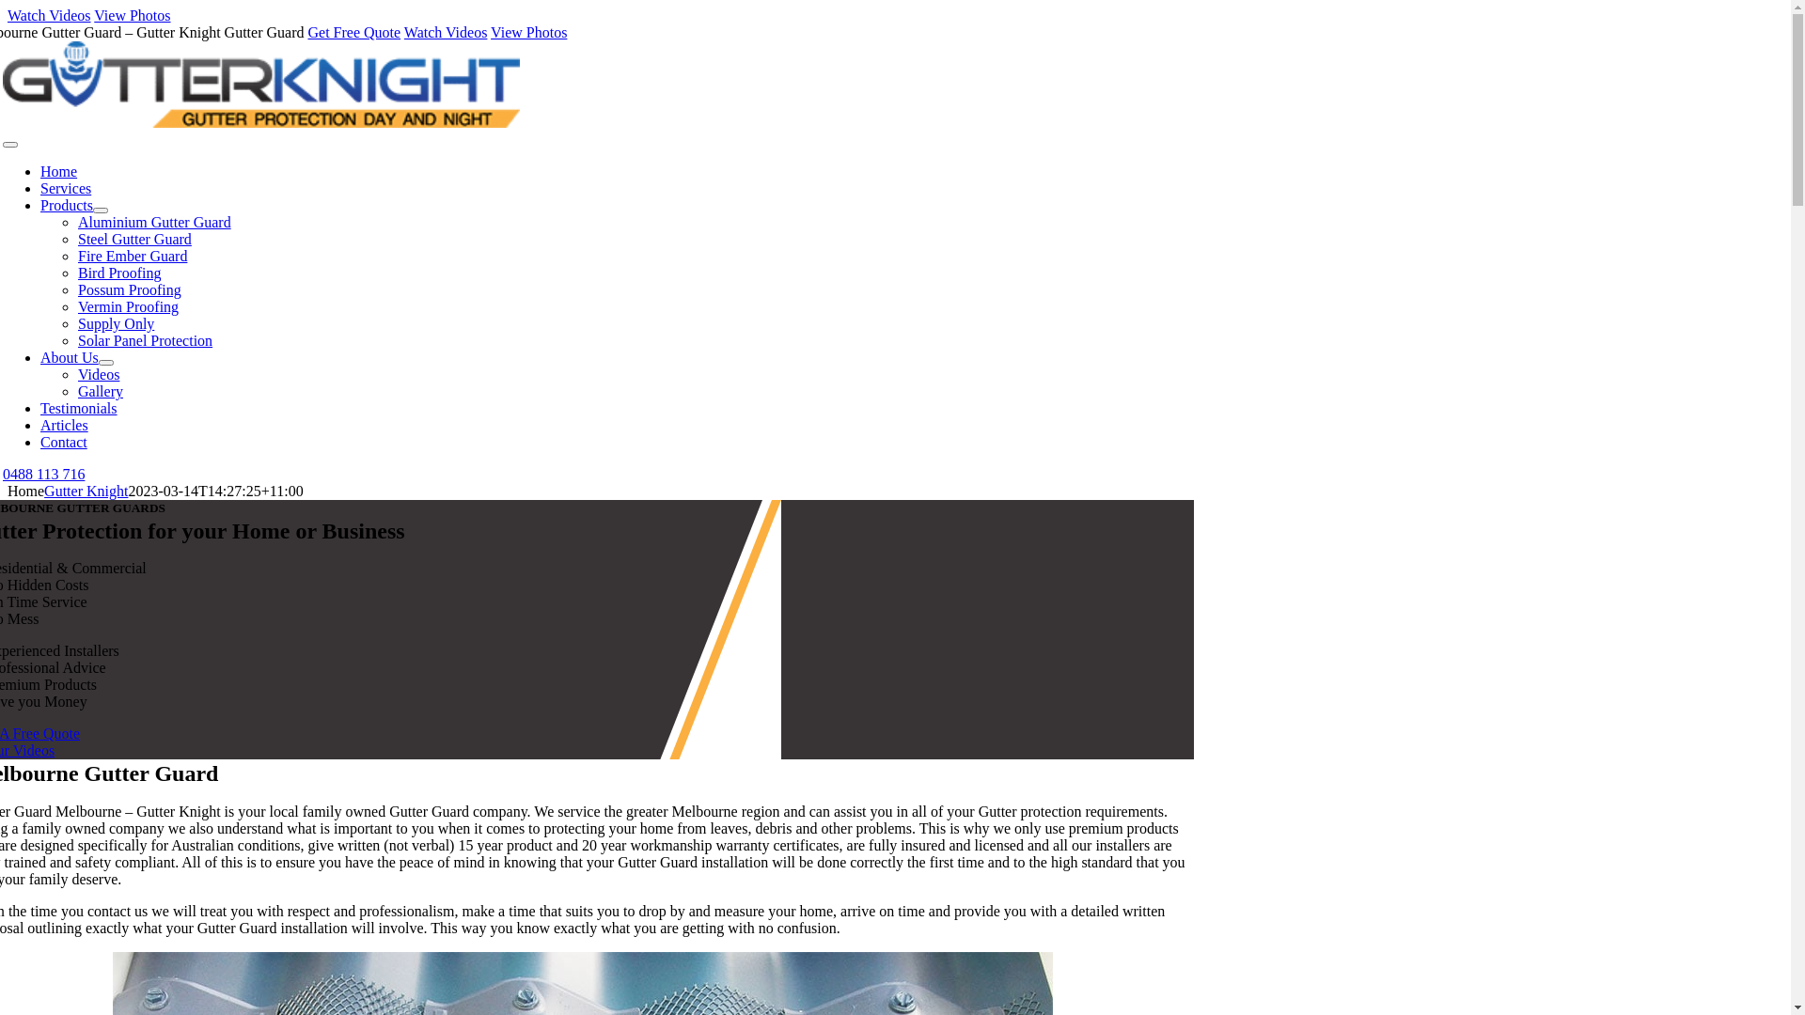  I want to click on 'Supply Only', so click(115, 322).